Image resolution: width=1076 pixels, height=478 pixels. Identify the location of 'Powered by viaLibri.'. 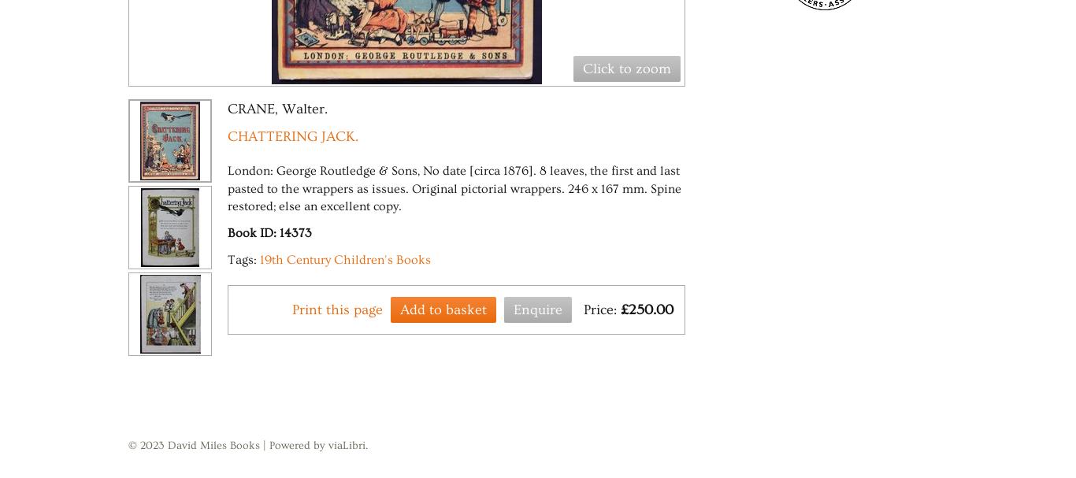
(269, 446).